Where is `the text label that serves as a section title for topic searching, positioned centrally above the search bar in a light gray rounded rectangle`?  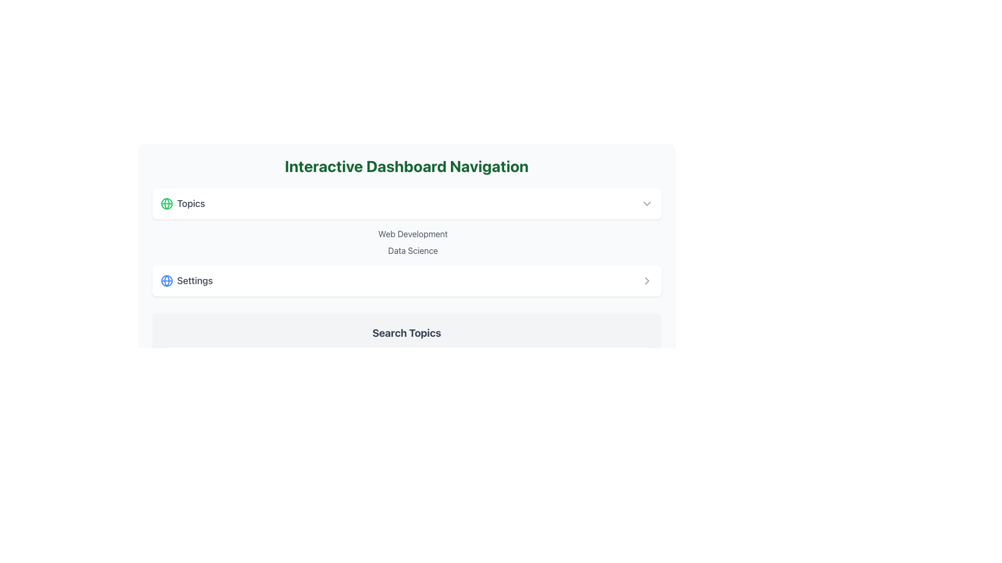 the text label that serves as a section title for topic searching, positioned centrally above the search bar in a light gray rounded rectangle is located at coordinates (406, 333).